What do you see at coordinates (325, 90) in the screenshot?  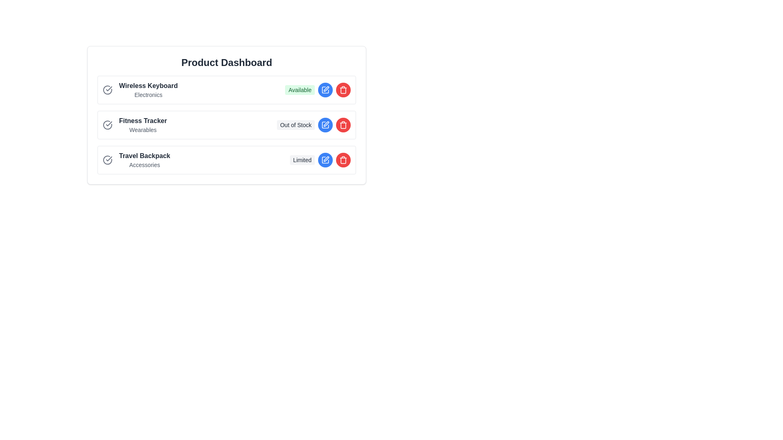 I see `the edit button for the product Wireless Keyboard to change its status` at bounding box center [325, 90].